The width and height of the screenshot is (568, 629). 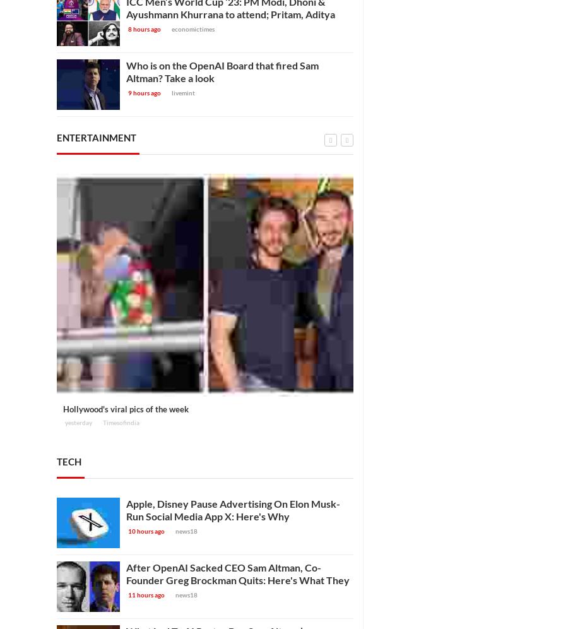 What do you see at coordinates (126, 408) in the screenshot?
I see `'Hollywood's viral pics of the week'` at bounding box center [126, 408].